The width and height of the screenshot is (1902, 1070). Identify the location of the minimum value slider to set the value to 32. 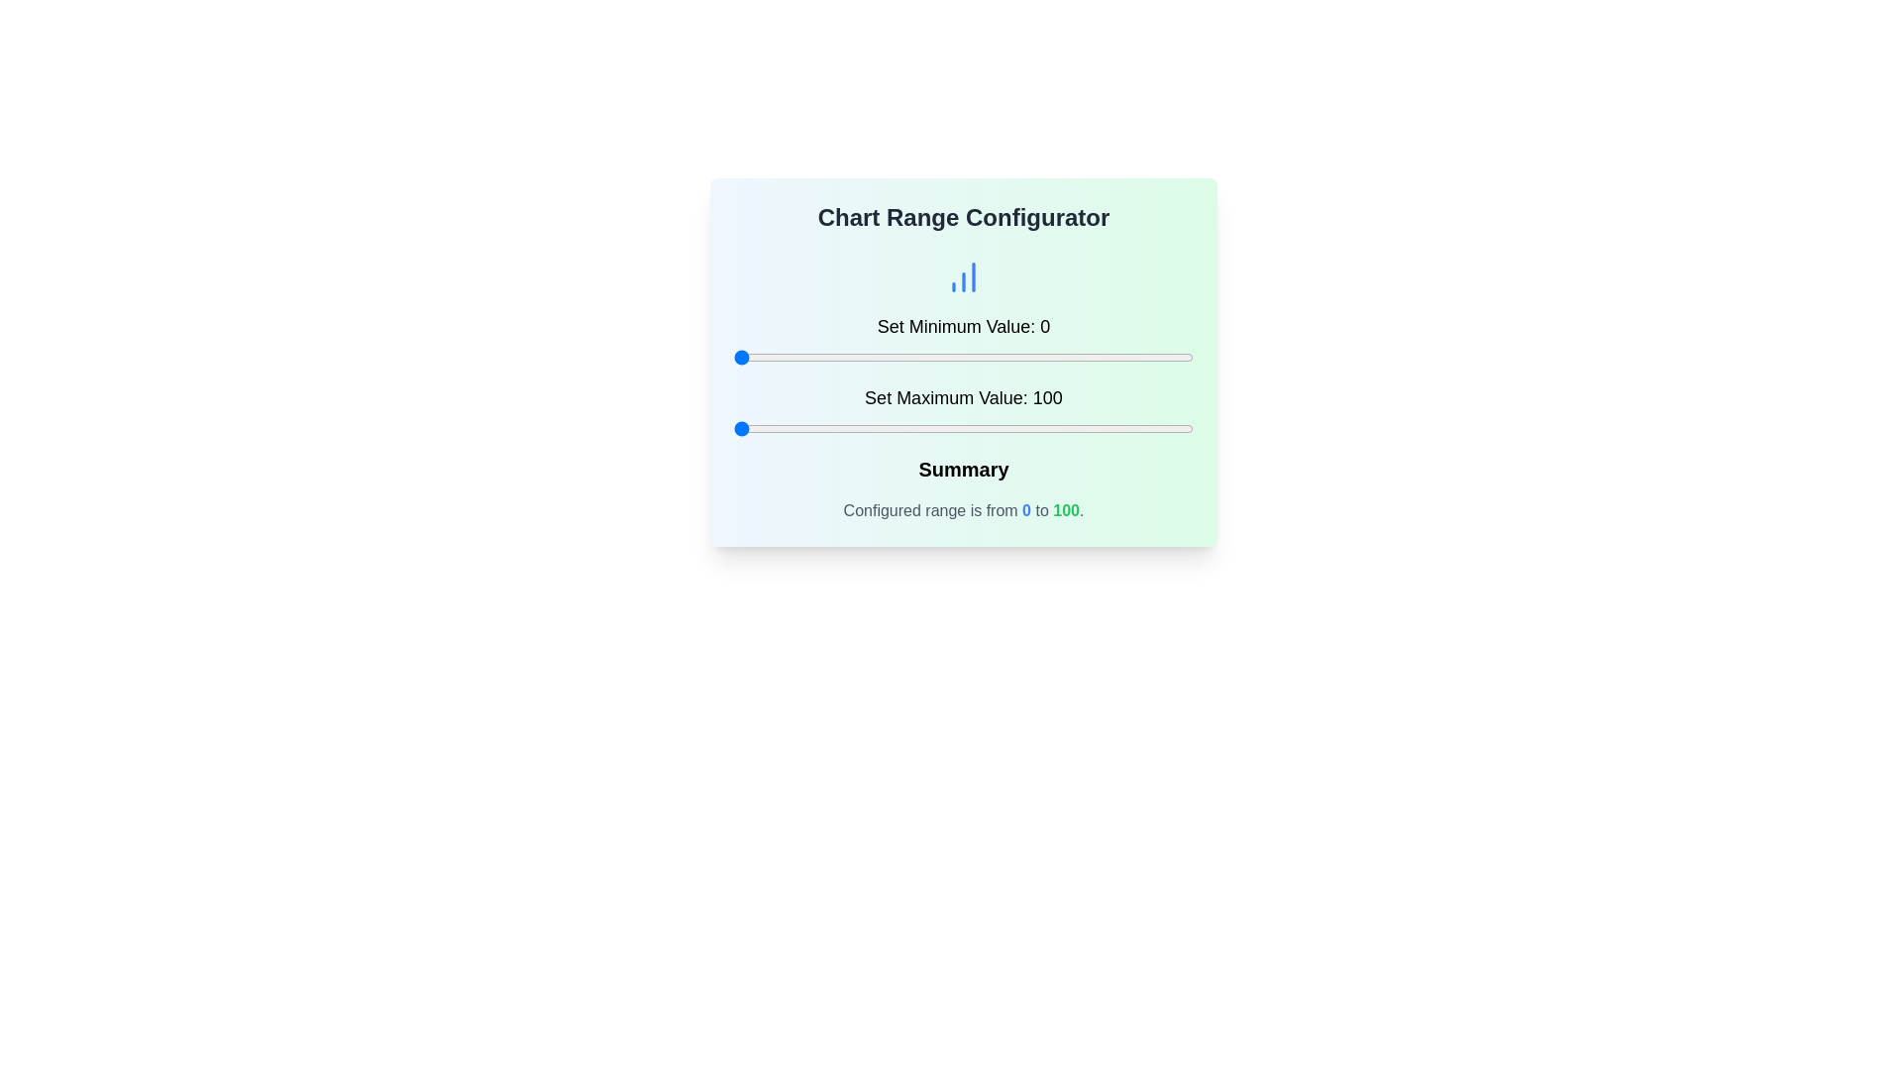
(880, 358).